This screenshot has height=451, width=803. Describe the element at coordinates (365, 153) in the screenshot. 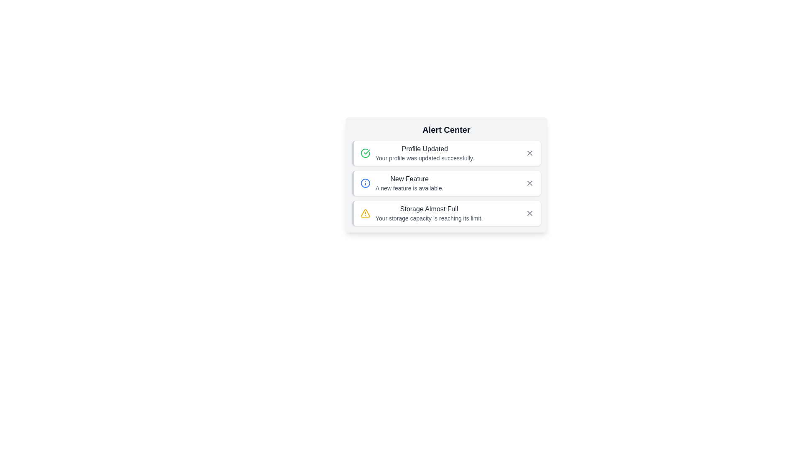

I see `the type of alert` at that location.